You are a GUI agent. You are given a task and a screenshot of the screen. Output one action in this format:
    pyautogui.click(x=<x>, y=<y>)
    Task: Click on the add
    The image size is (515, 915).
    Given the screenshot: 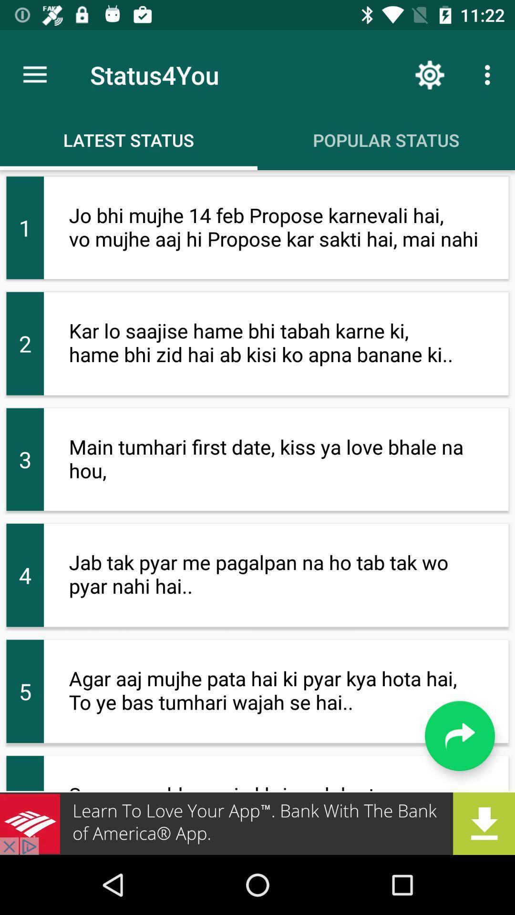 What is the action you would take?
    pyautogui.click(x=257, y=823)
    